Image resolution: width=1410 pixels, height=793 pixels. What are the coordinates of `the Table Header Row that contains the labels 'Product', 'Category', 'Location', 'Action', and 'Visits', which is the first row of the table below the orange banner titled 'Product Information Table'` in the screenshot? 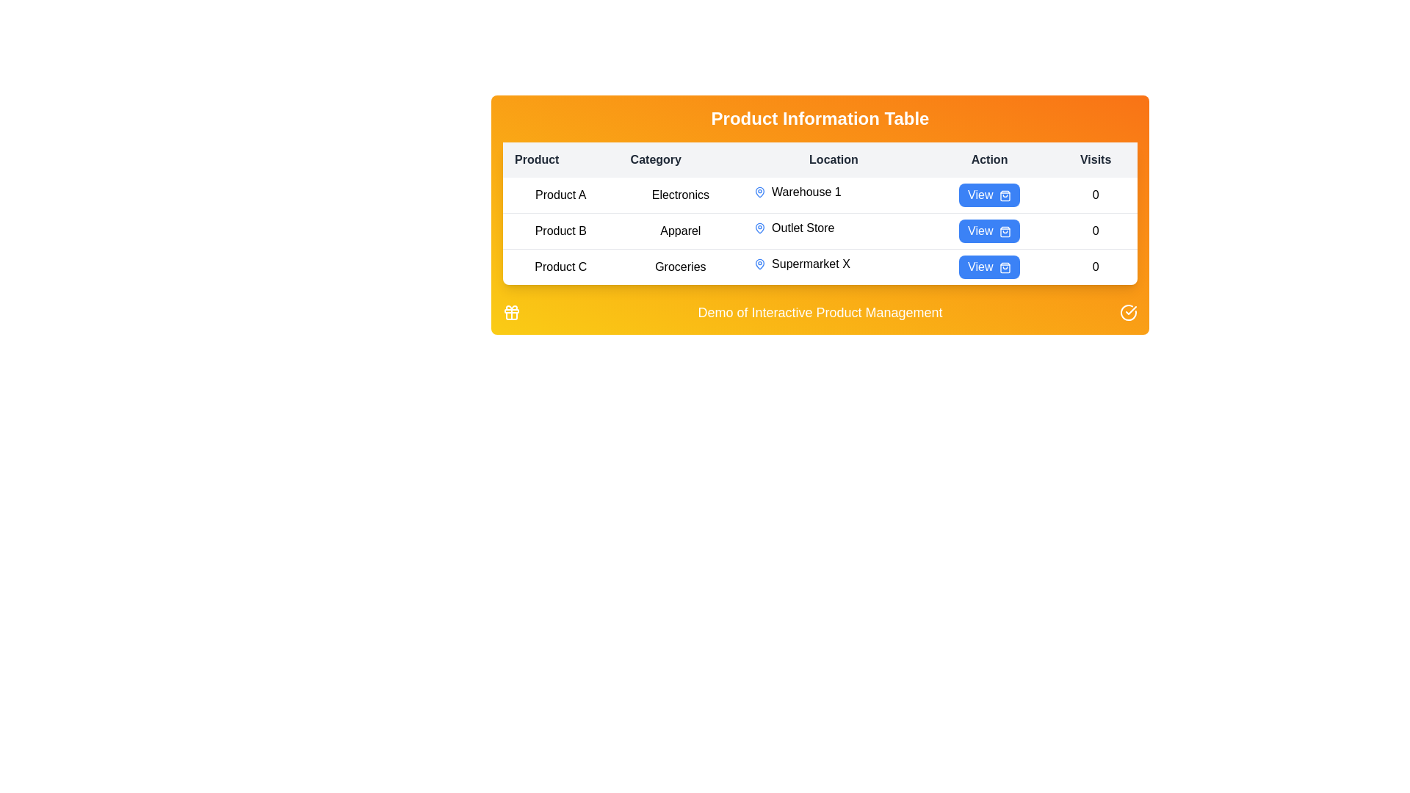 It's located at (820, 160).